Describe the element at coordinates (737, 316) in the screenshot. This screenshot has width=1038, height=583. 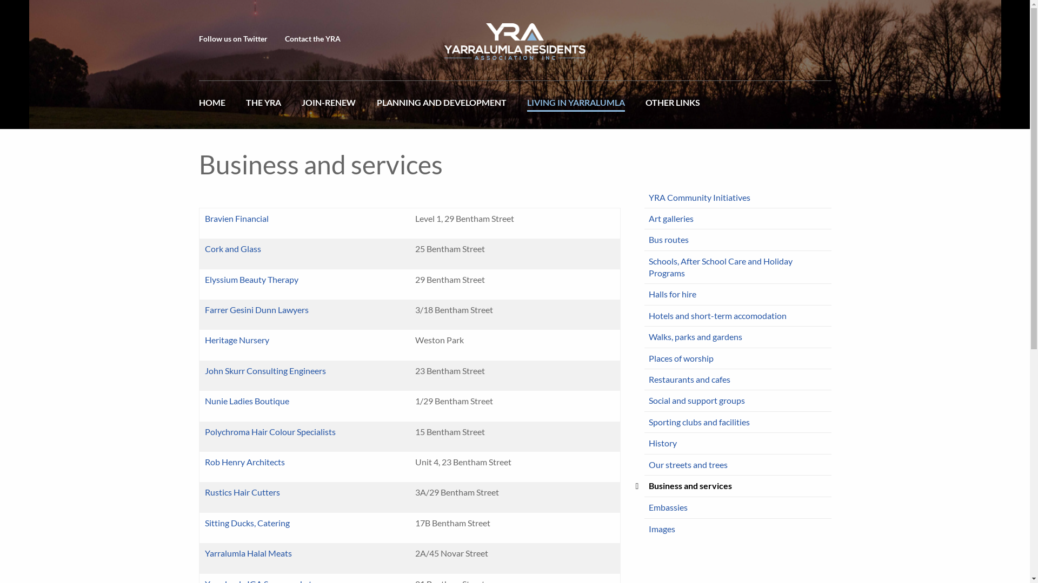
I see `'Hotels and short-term accomodation'` at that location.